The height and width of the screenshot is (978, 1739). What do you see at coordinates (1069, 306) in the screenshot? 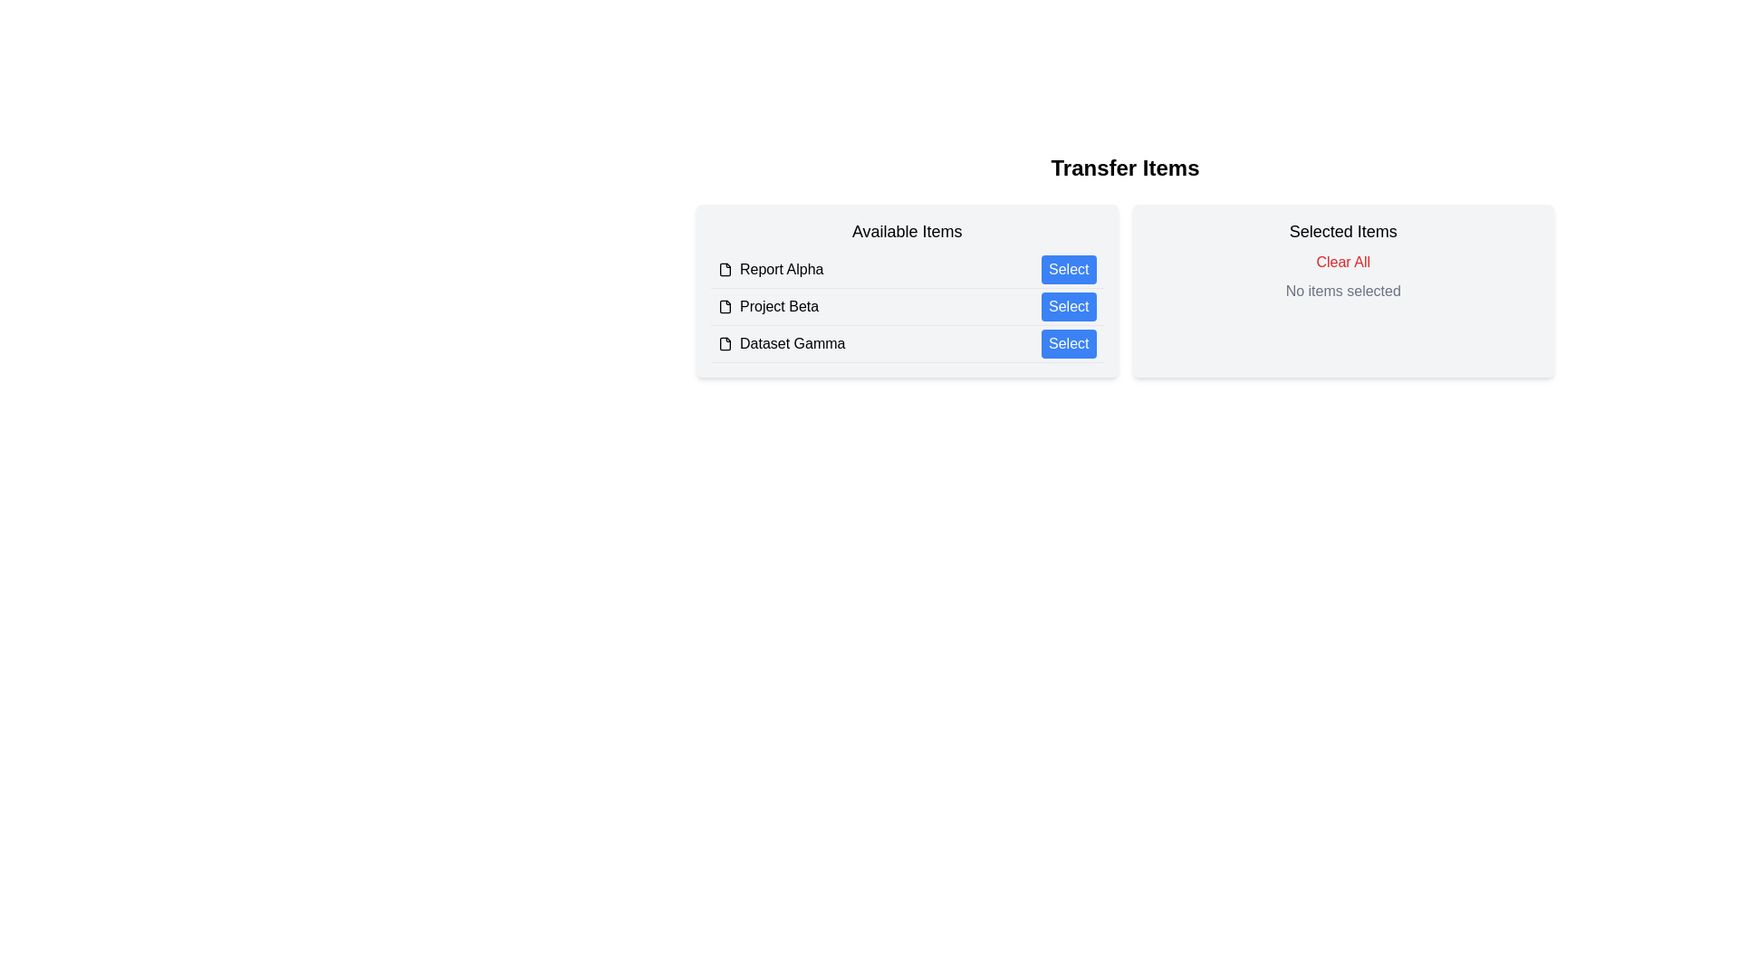
I see `the button located to the far right of the 'Project Beta' row in the 'Available Items' section` at bounding box center [1069, 306].